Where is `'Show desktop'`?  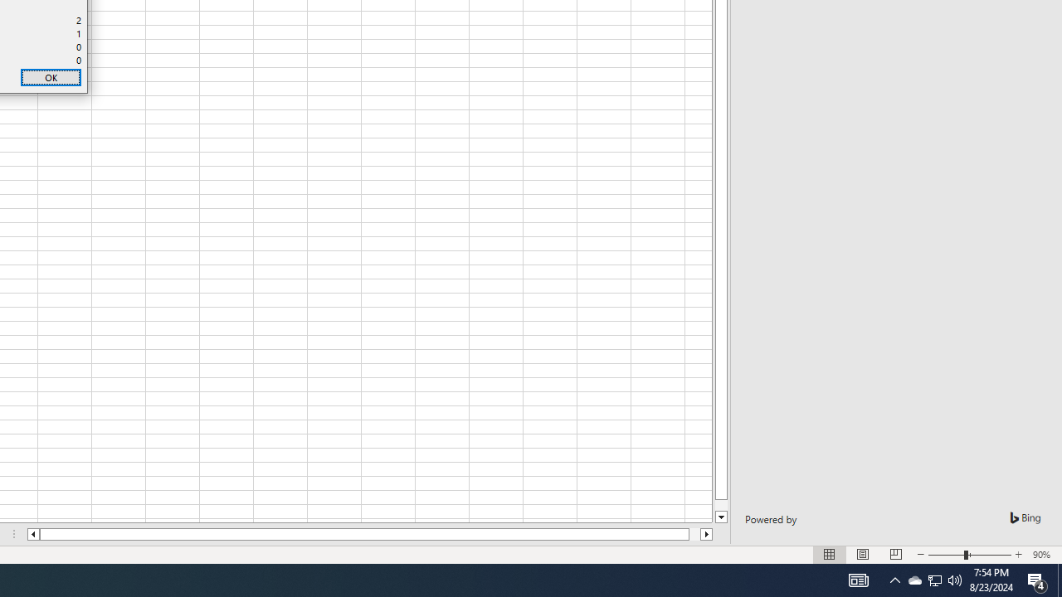
'Show desktop' is located at coordinates (1059, 579).